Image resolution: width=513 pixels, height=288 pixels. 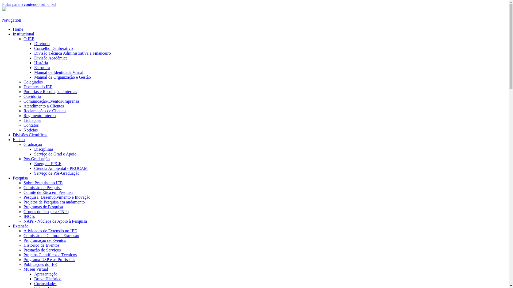 I want to click on 'Institucional', so click(x=23, y=34).